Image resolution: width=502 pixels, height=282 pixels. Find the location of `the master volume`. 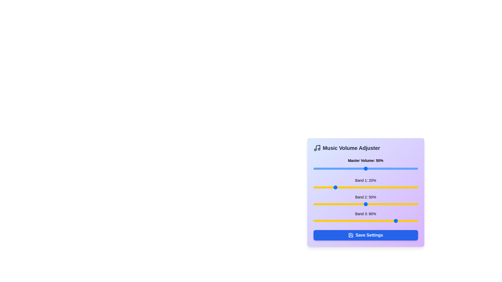

the master volume is located at coordinates (411, 168).